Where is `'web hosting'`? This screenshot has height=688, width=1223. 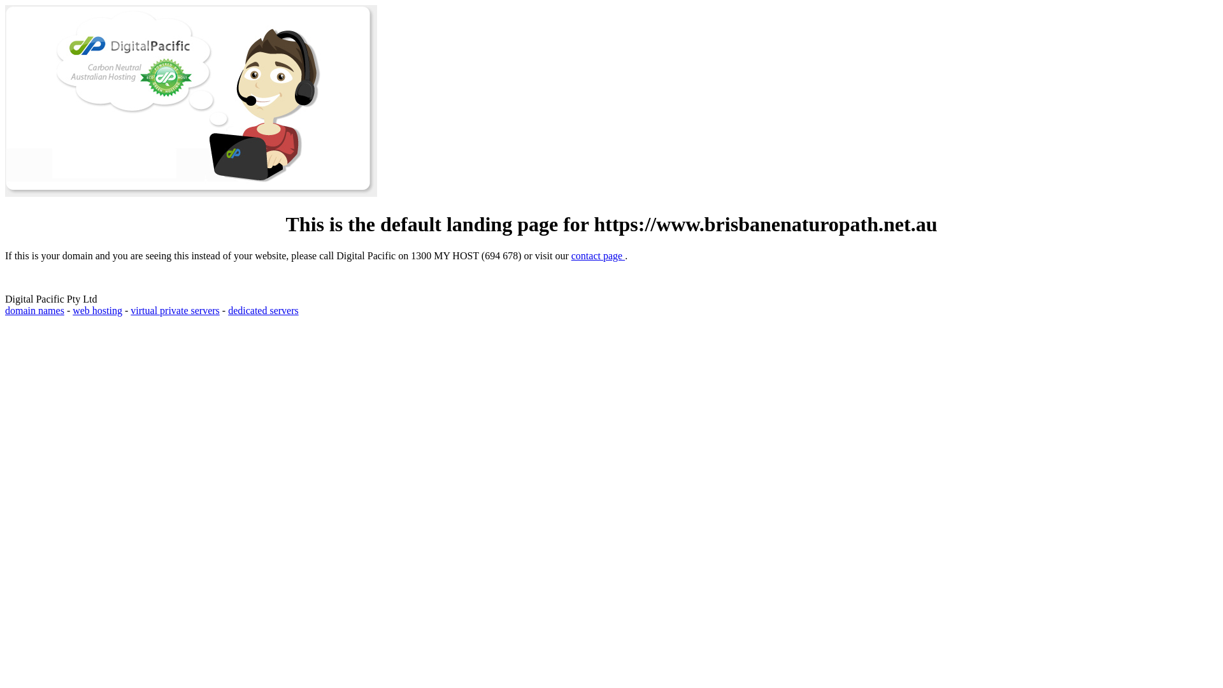 'web hosting' is located at coordinates (97, 310).